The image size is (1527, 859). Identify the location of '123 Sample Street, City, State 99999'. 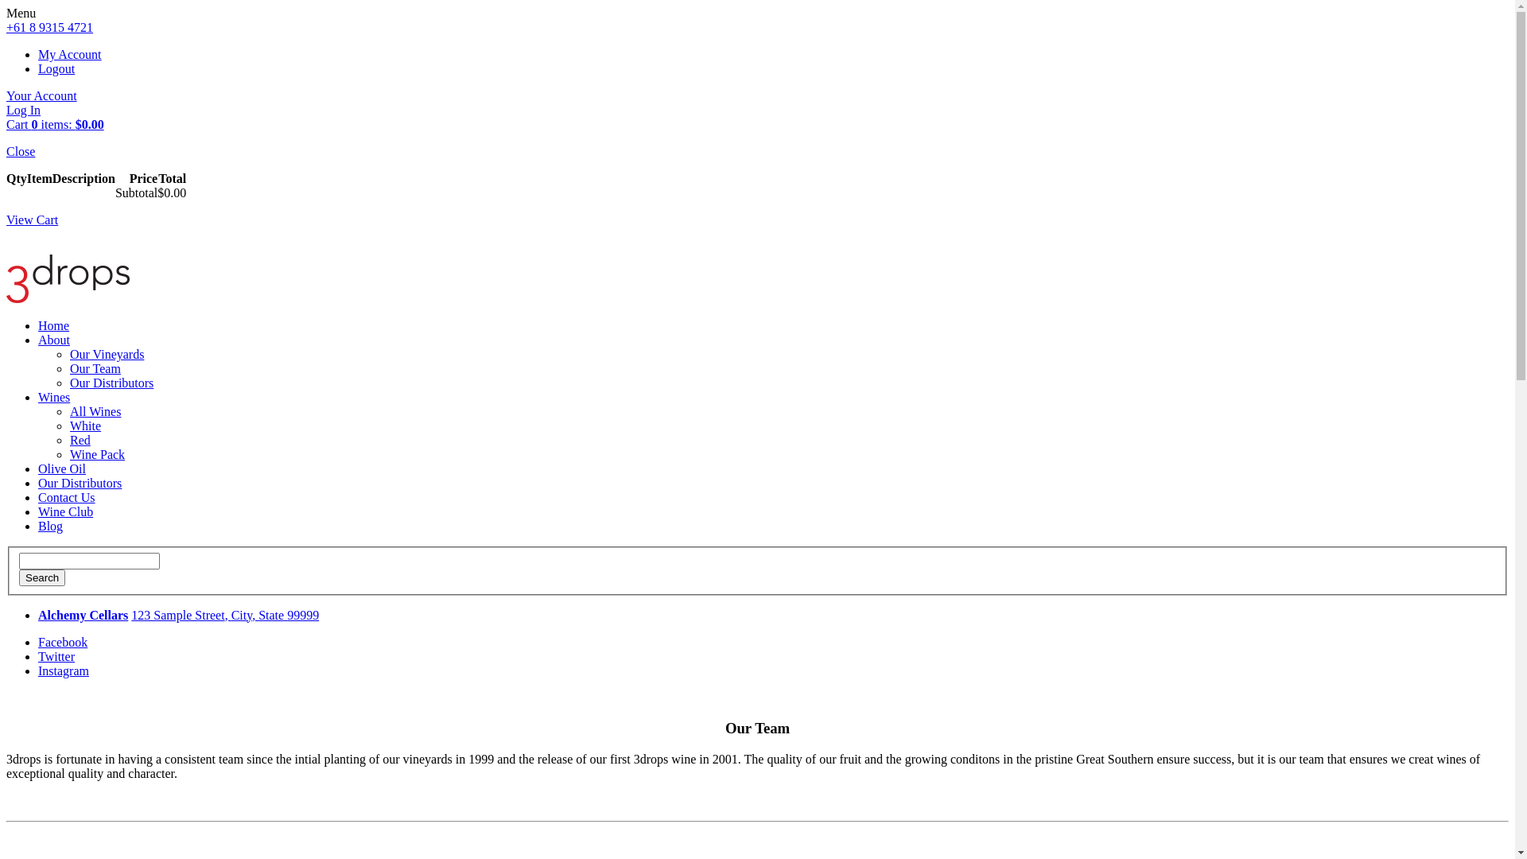
(224, 614).